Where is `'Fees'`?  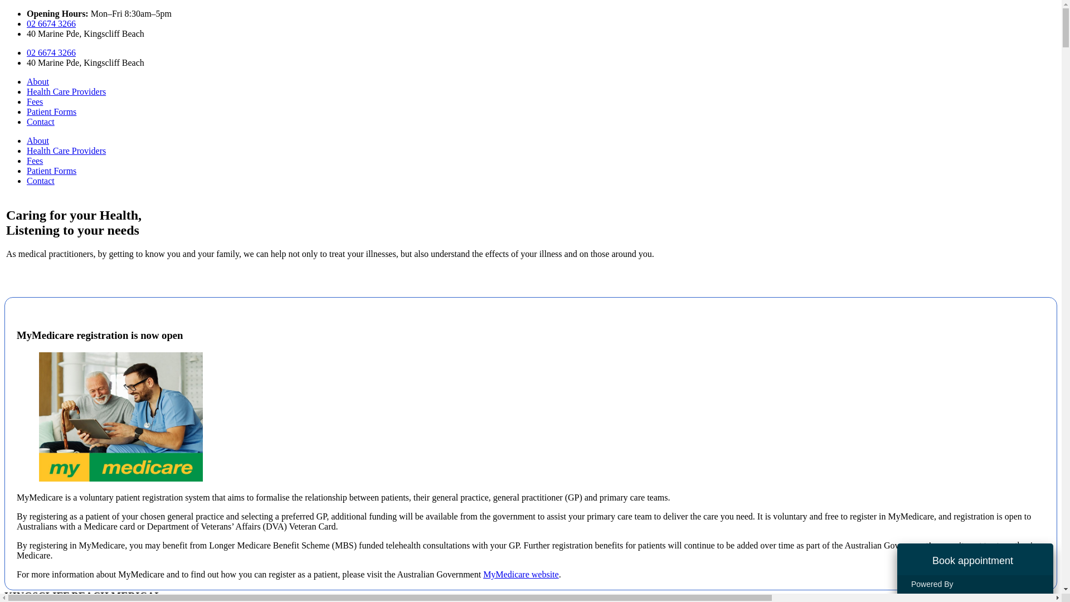 'Fees' is located at coordinates (27, 161).